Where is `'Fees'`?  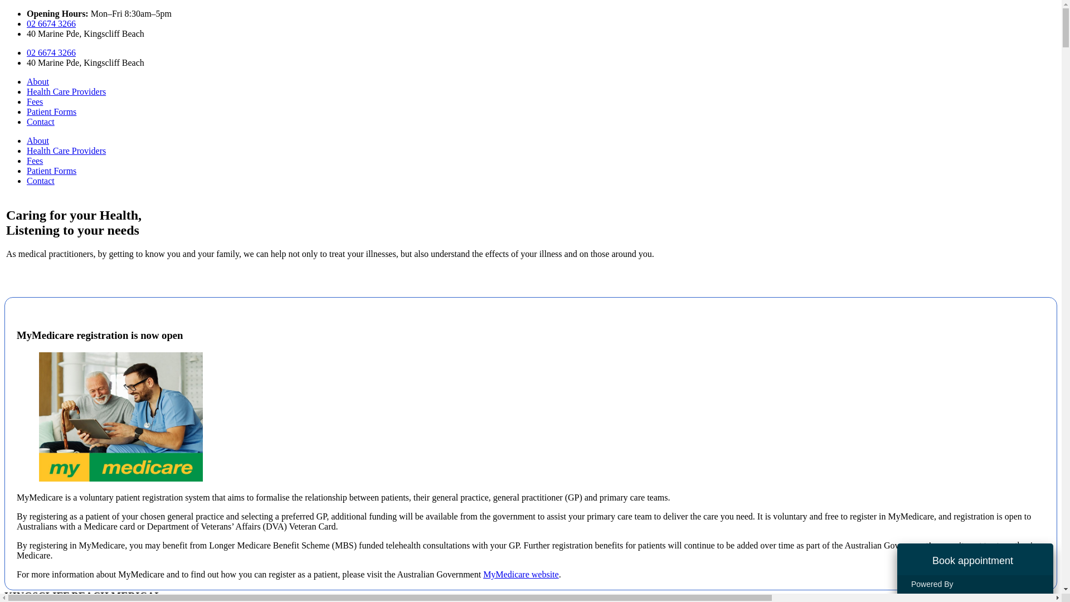 'Fees' is located at coordinates (27, 161).